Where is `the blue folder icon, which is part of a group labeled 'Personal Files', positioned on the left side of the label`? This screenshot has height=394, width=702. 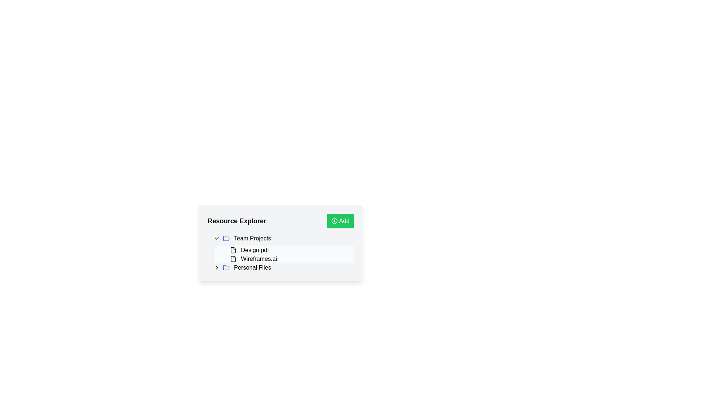 the blue folder icon, which is part of a group labeled 'Personal Files', positioned on the left side of the label is located at coordinates (226, 267).